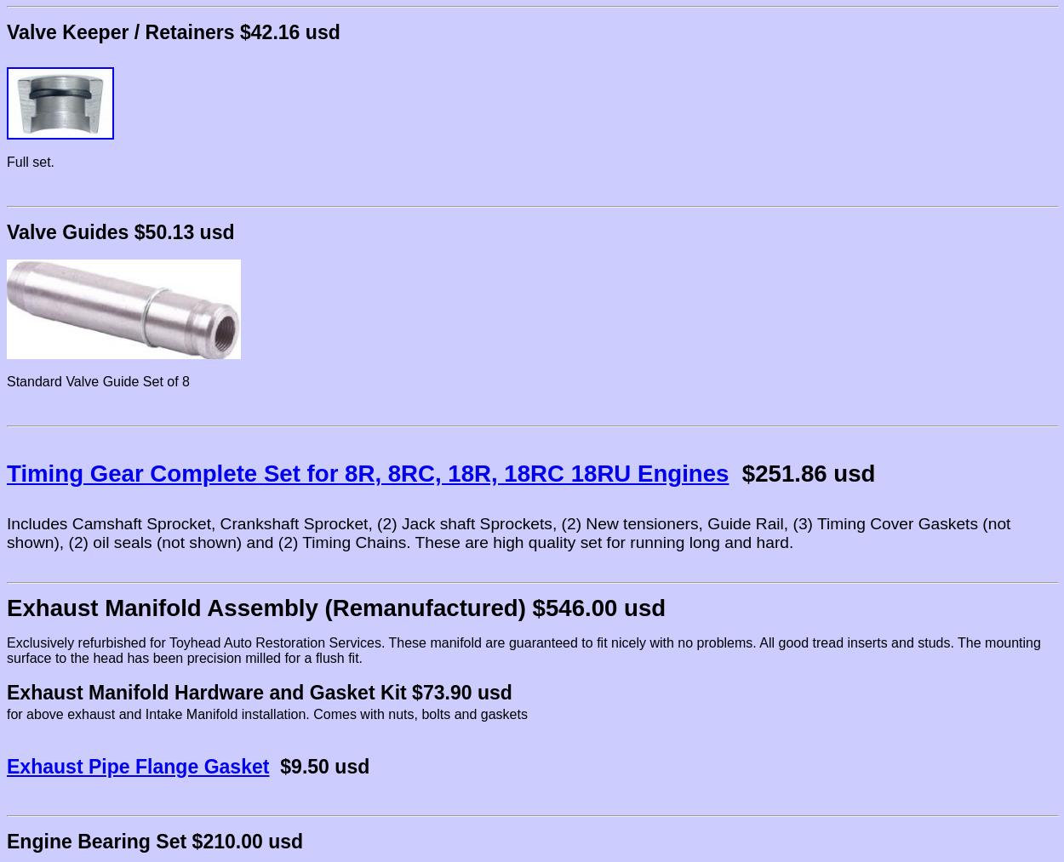 The image size is (1064, 862). Describe the element at coordinates (186, 841) in the screenshot. I see `'Bearing Set $210.00 usd'` at that location.